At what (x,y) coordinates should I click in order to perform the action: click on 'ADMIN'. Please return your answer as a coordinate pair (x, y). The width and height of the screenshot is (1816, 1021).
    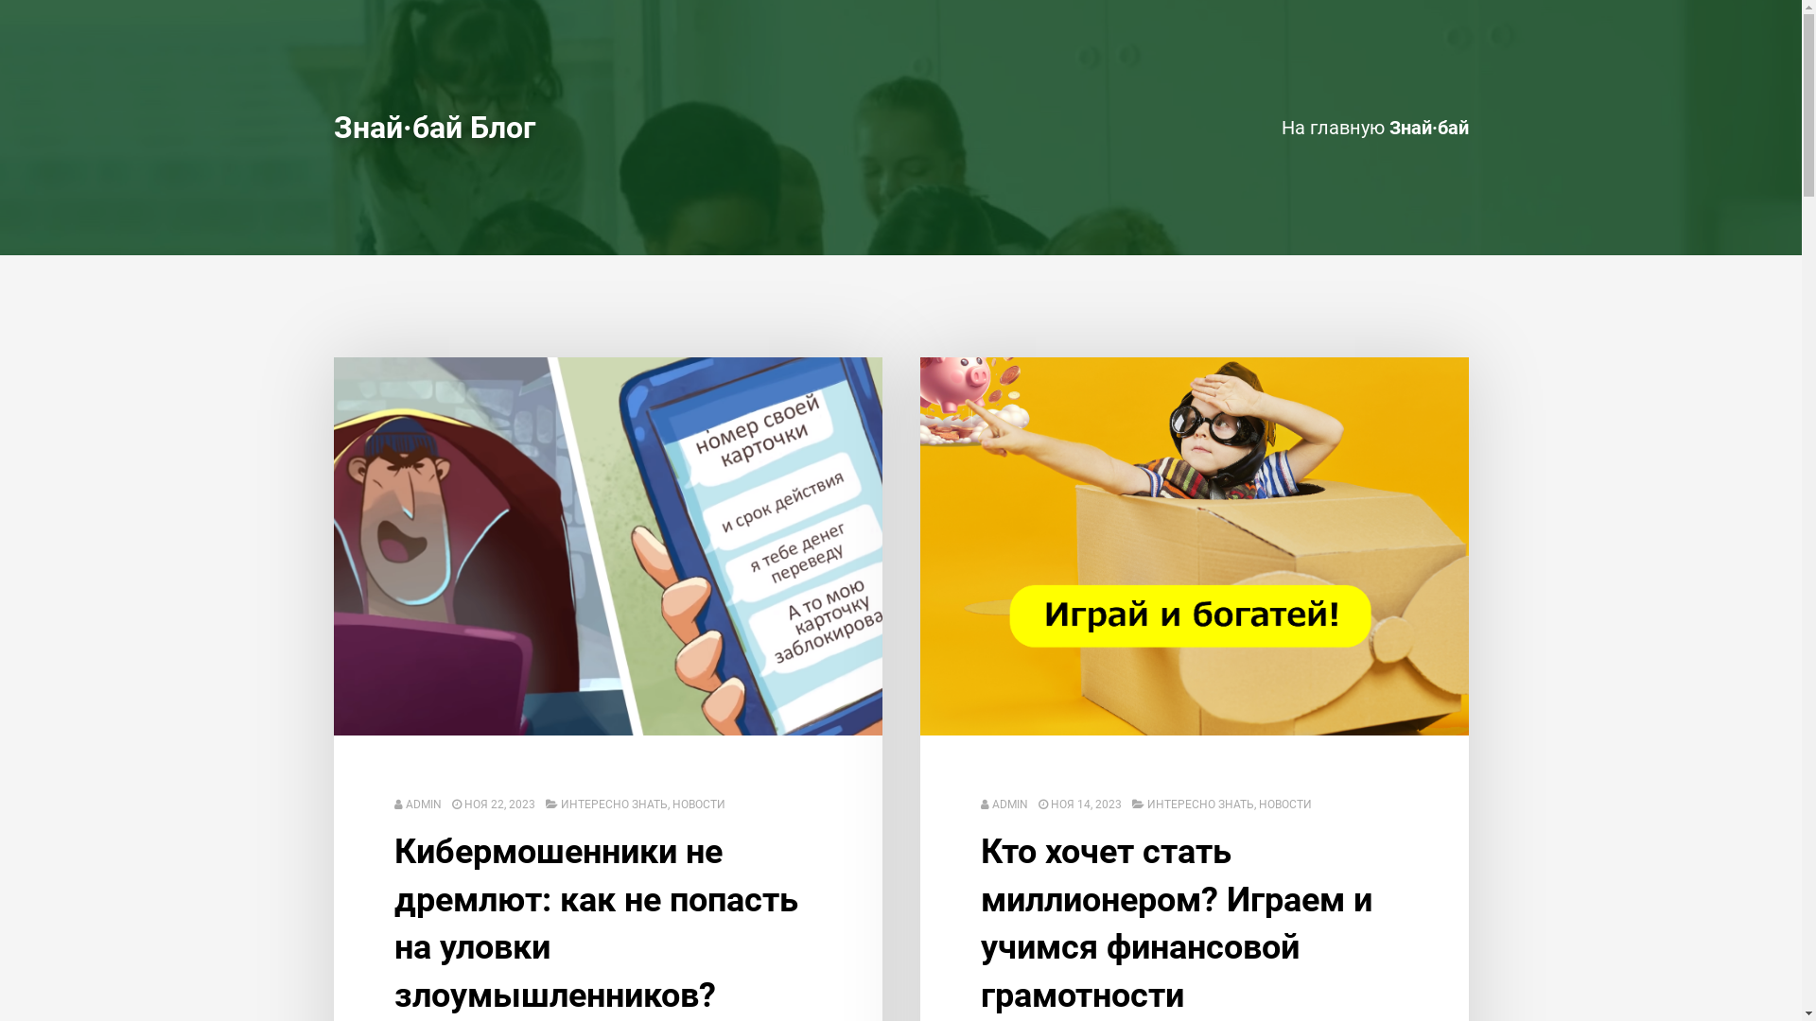
    Looking at the image, I should click on (421, 805).